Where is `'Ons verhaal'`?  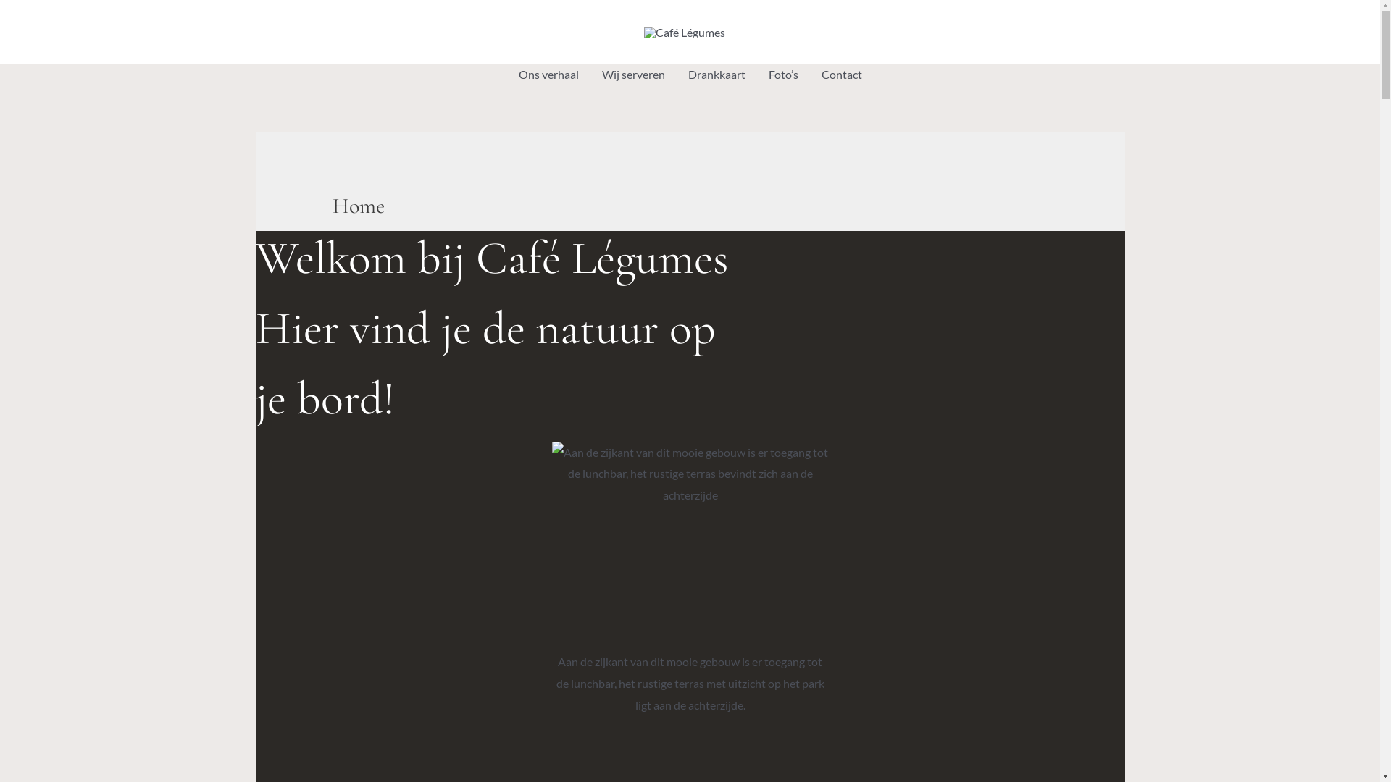
'Ons verhaal' is located at coordinates (548, 75).